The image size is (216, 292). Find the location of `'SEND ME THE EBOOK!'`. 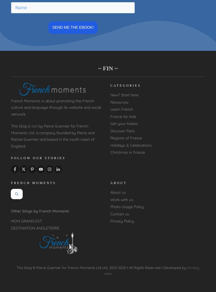

'SEND ME THE EBOOK!' is located at coordinates (73, 27).